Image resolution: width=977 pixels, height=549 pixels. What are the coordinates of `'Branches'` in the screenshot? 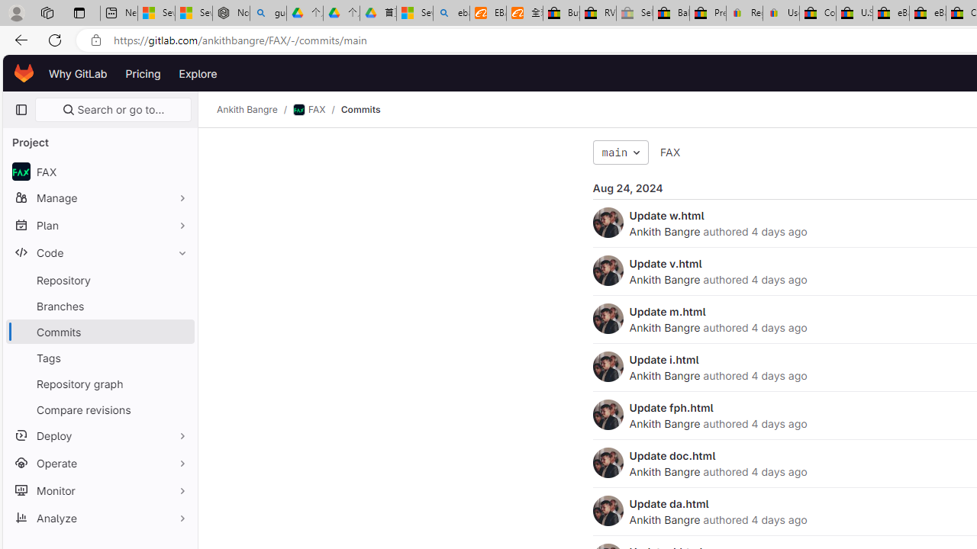 It's located at (99, 306).